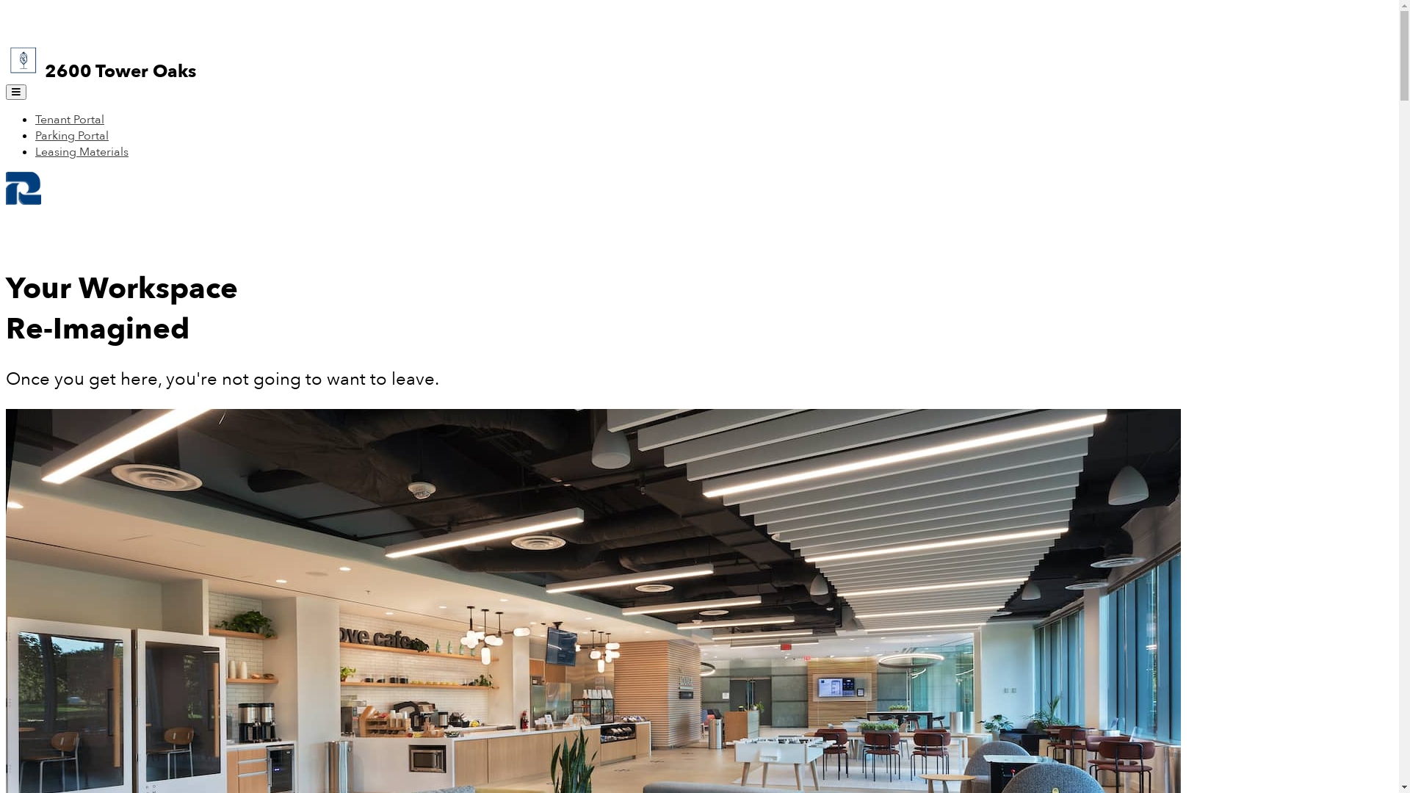 The image size is (1410, 793). Describe the element at coordinates (35, 152) in the screenshot. I see `'Leasing Materials'` at that location.